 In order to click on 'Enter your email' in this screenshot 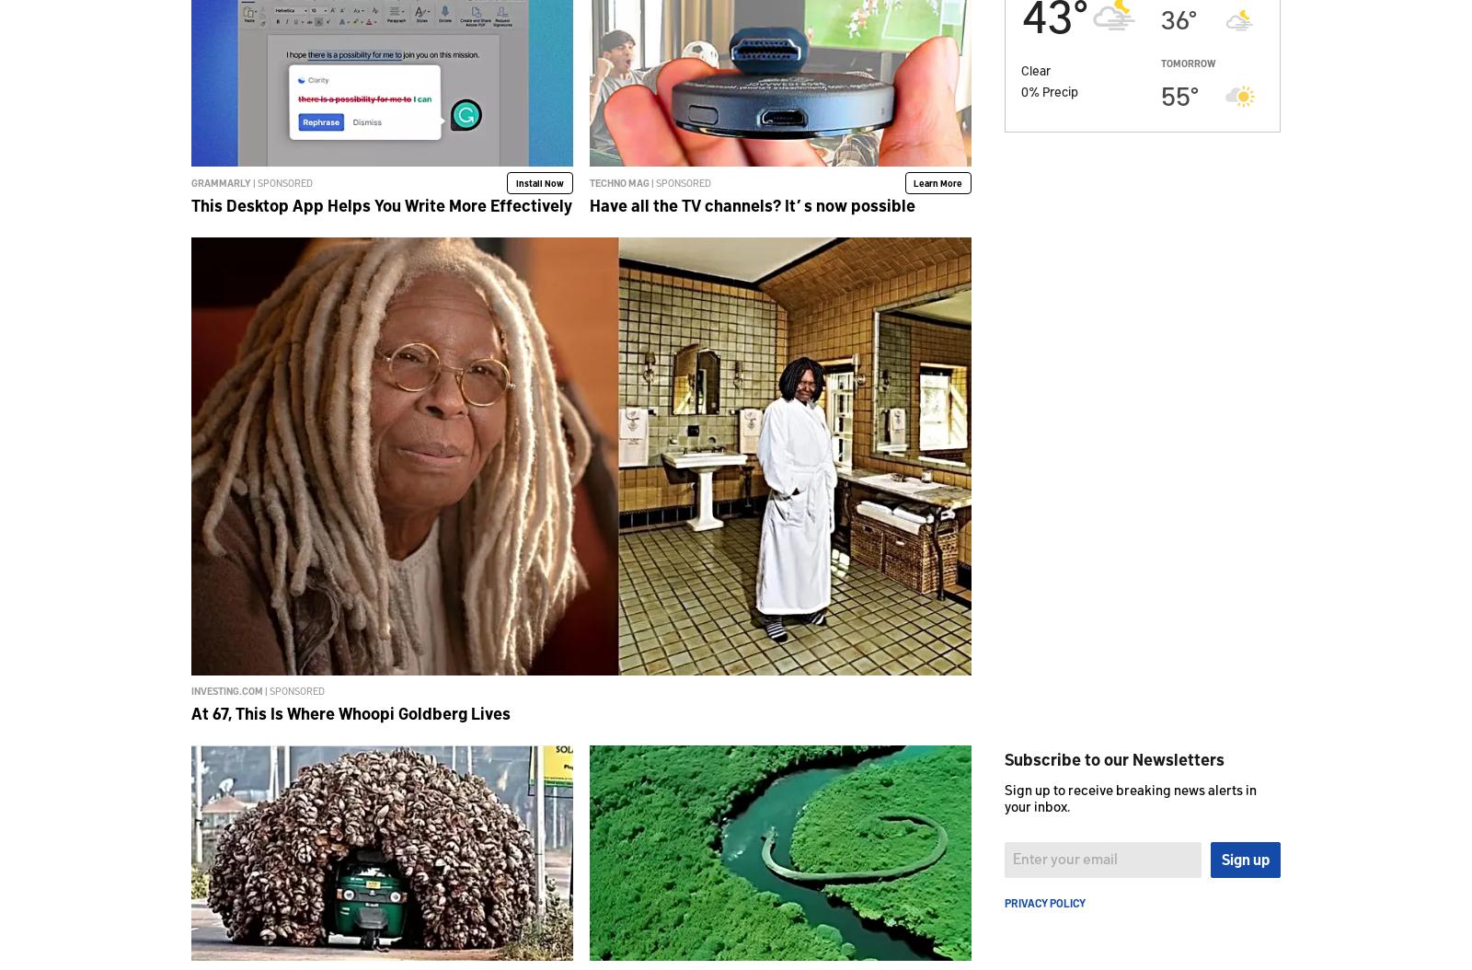, I will do `click(1065, 857)`.